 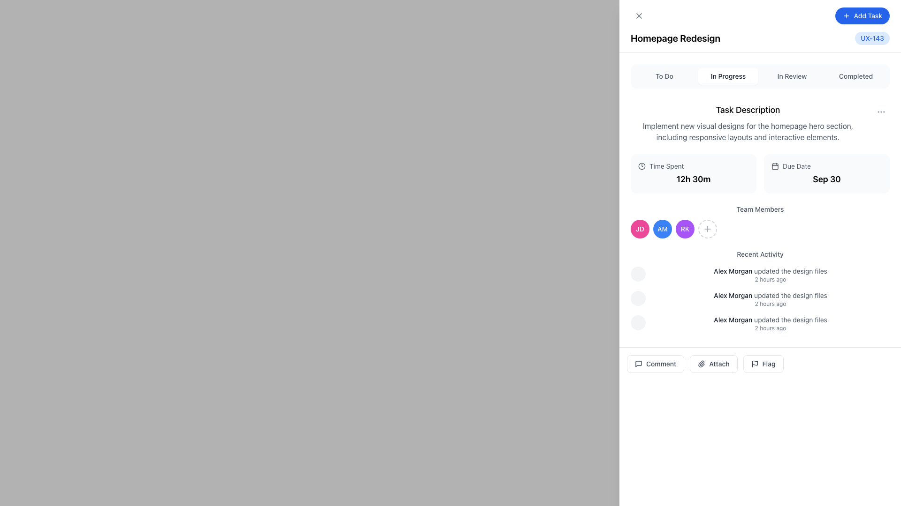 What do you see at coordinates (770, 304) in the screenshot?
I see `the timestamp Text label located in the 'Recent Activity' section, which indicates when Alex Morgan updated the design files` at bounding box center [770, 304].